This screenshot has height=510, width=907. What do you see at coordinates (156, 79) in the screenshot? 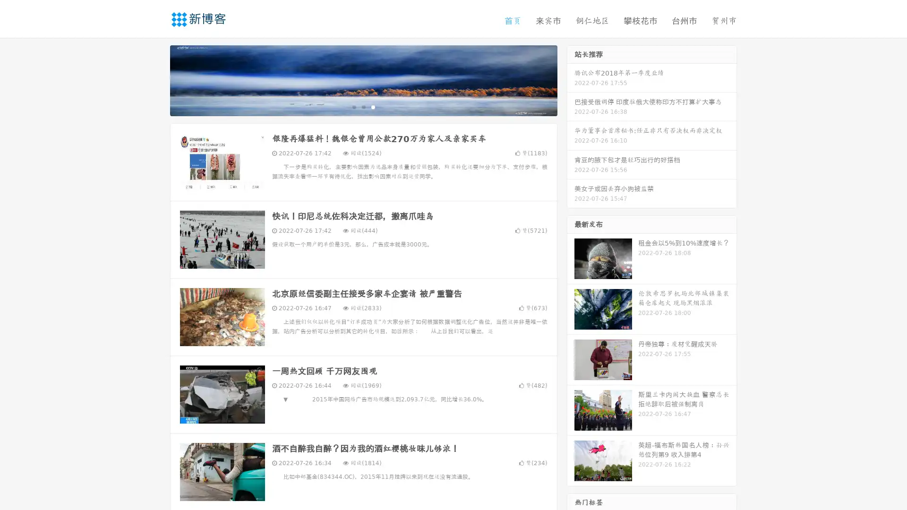
I see `Previous slide` at bounding box center [156, 79].